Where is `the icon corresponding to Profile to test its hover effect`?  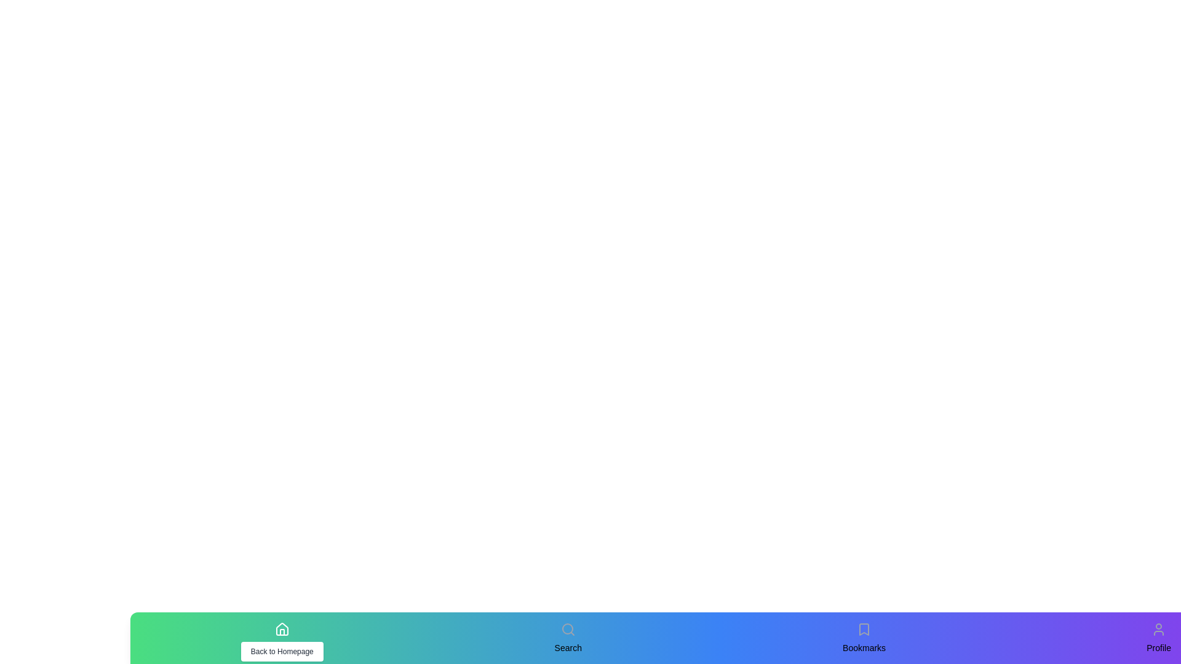
the icon corresponding to Profile to test its hover effect is located at coordinates (1158, 629).